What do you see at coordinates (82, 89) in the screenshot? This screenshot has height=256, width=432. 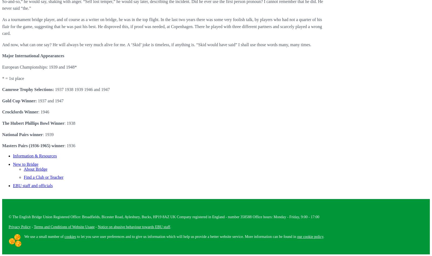 I see `'1937 1938 1939 1946 and 1947'` at bounding box center [82, 89].